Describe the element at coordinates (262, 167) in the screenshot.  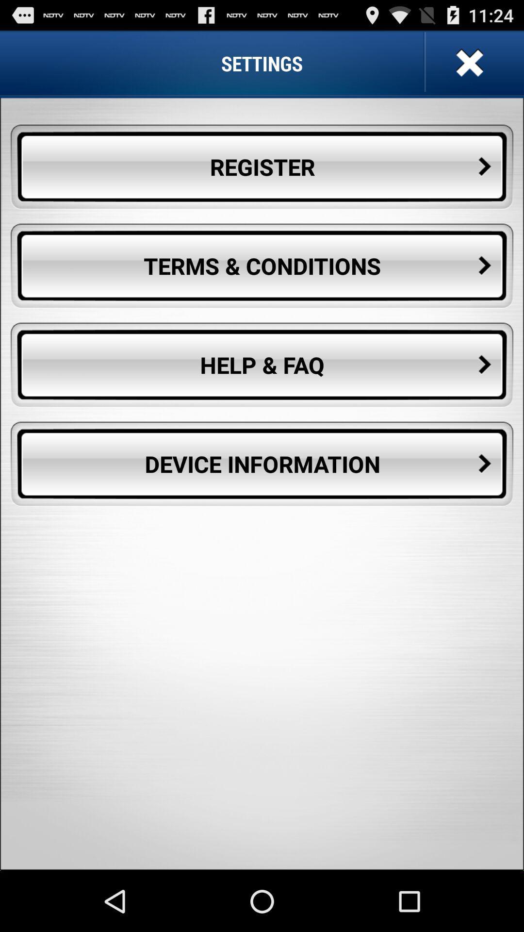
I see `the icon above the terms & conditions` at that location.